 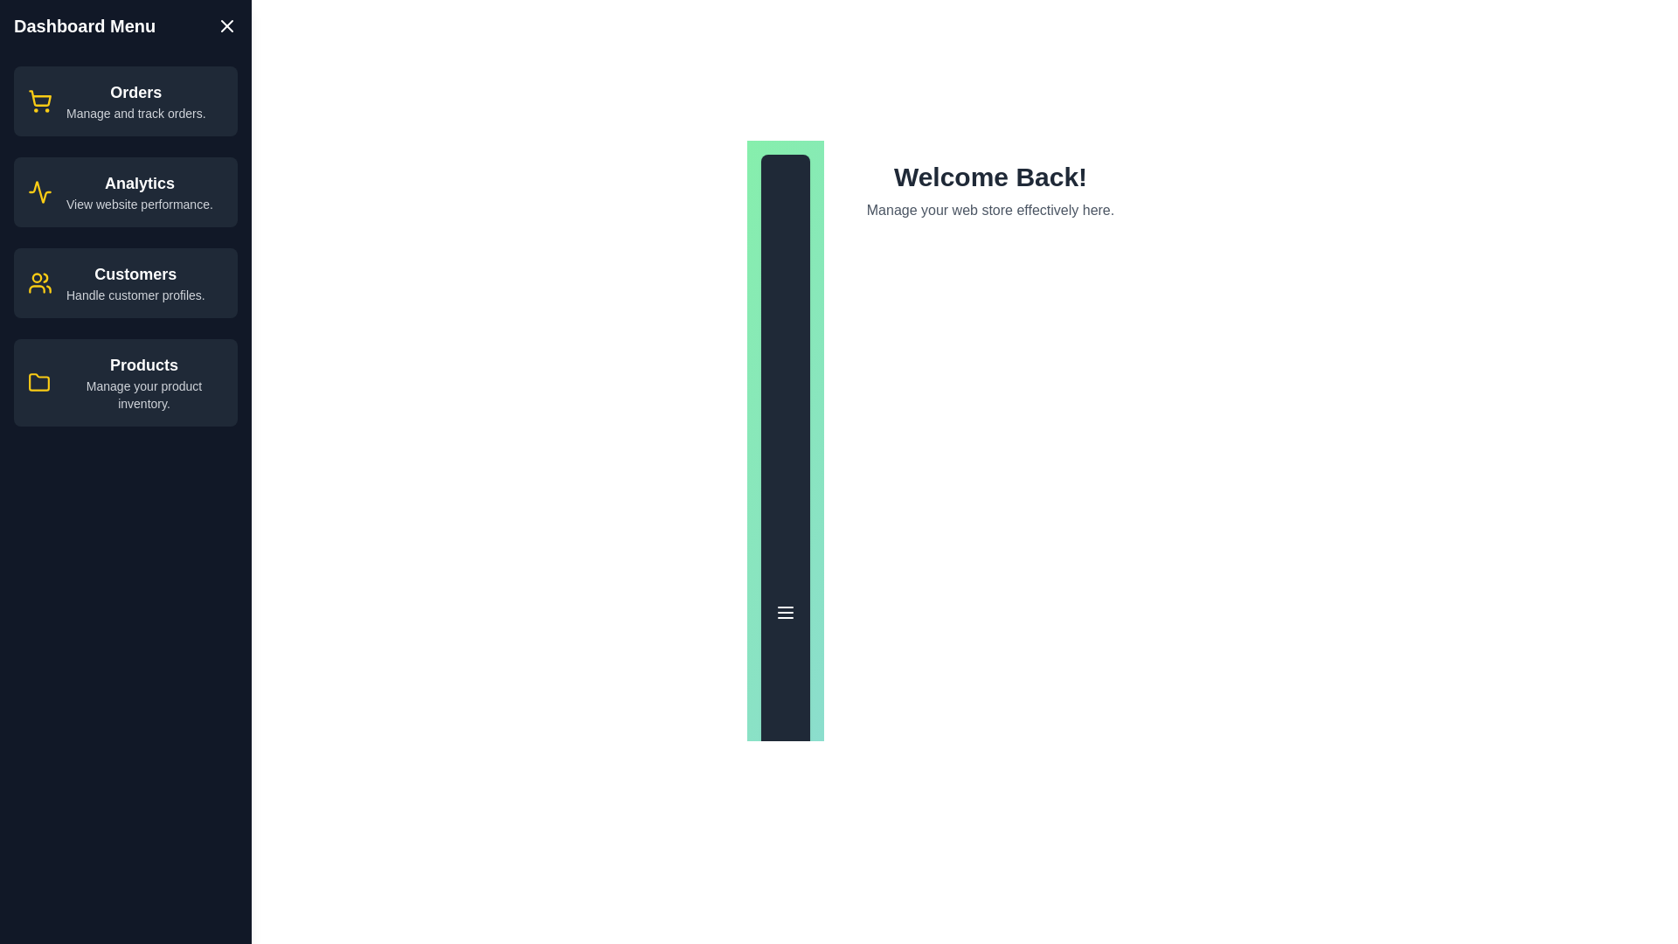 I want to click on the menu item labeled 'Products' to view its hover effect, so click(x=125, y=382).